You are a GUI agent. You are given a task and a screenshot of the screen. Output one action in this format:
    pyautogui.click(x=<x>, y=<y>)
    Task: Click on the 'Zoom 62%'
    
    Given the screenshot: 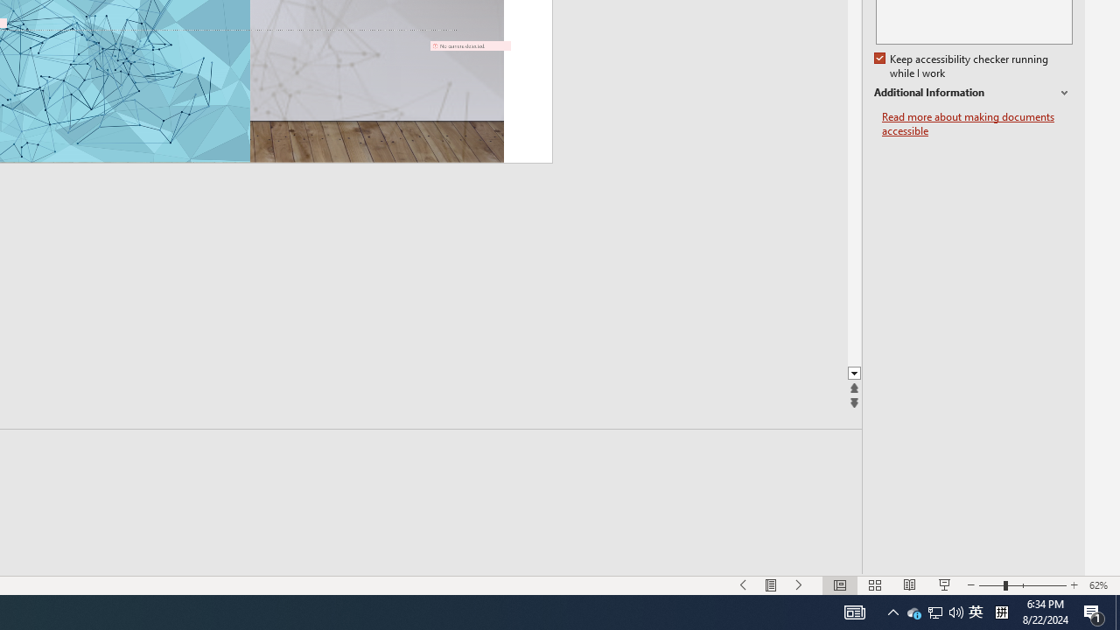 What is the action you would take?
    pyautogui.click(x=1100, y=585)
    